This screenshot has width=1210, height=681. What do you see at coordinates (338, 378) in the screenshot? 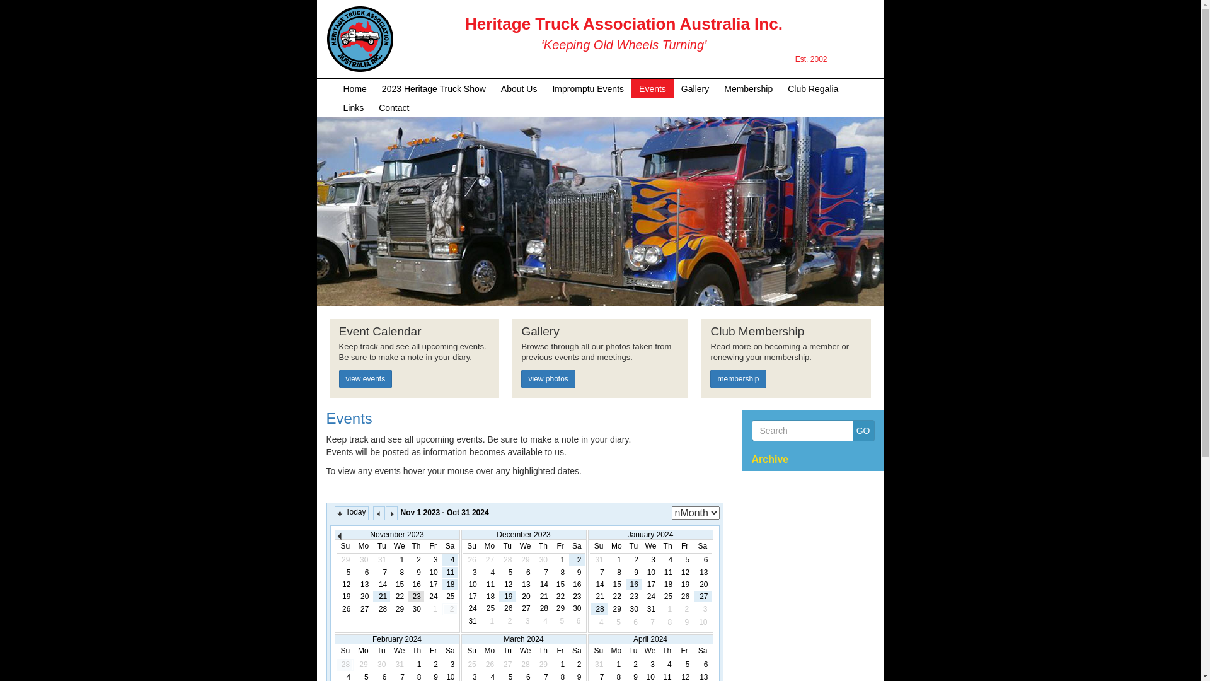
I see `'view events'` at bounding box center [338, 378].